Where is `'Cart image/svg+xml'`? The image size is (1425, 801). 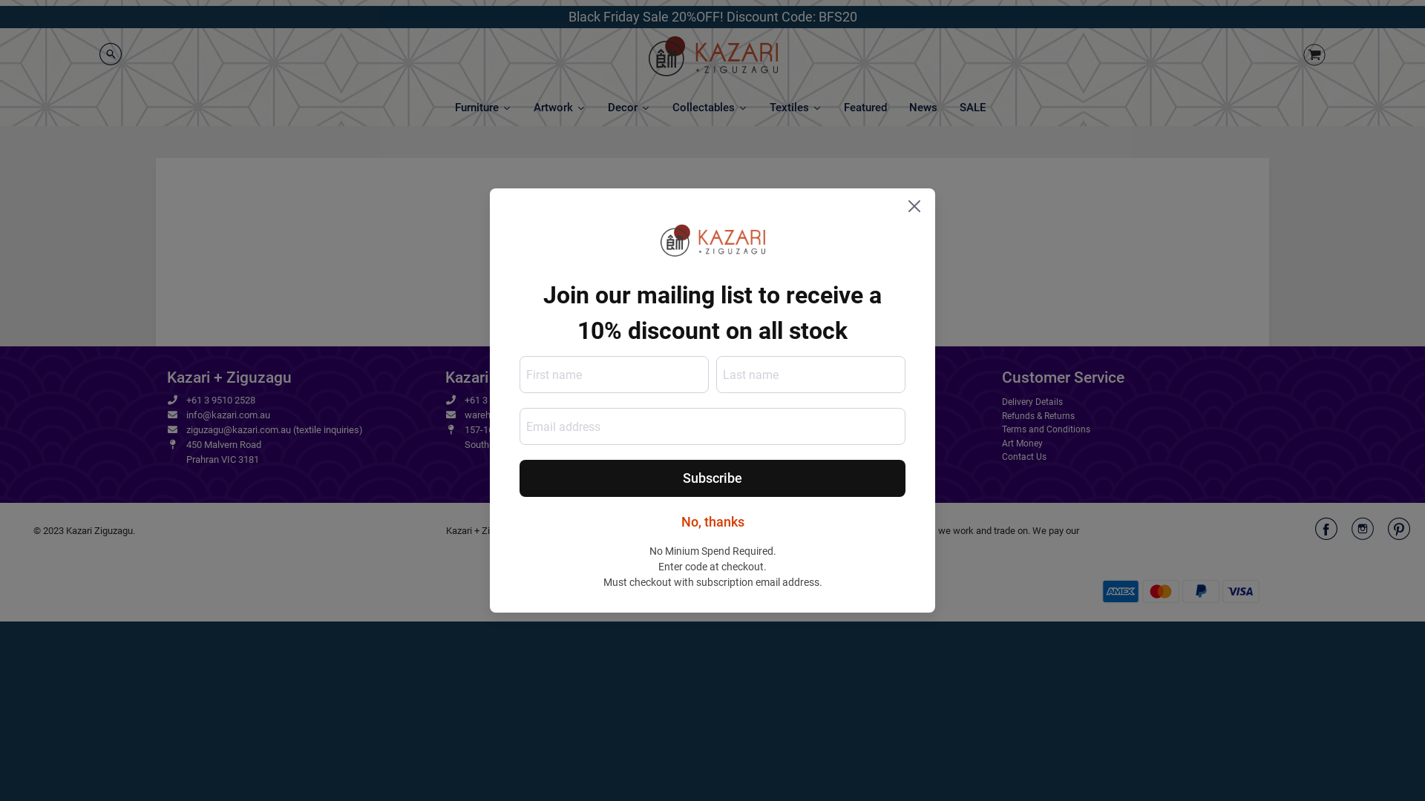
'Cart image/svg+xml' is located at coordinates (1303, 55).